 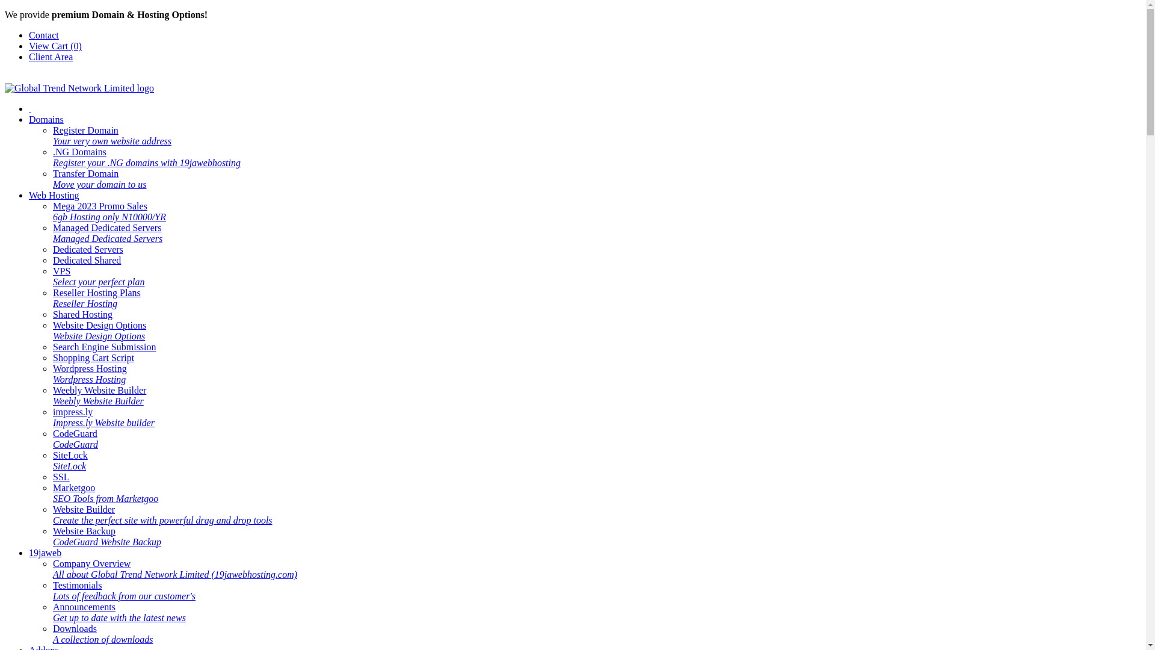 What do you see at coordinates (75, 439) in the screenshot?
I see `'CodeGuard` at bounding box center [75, 439].